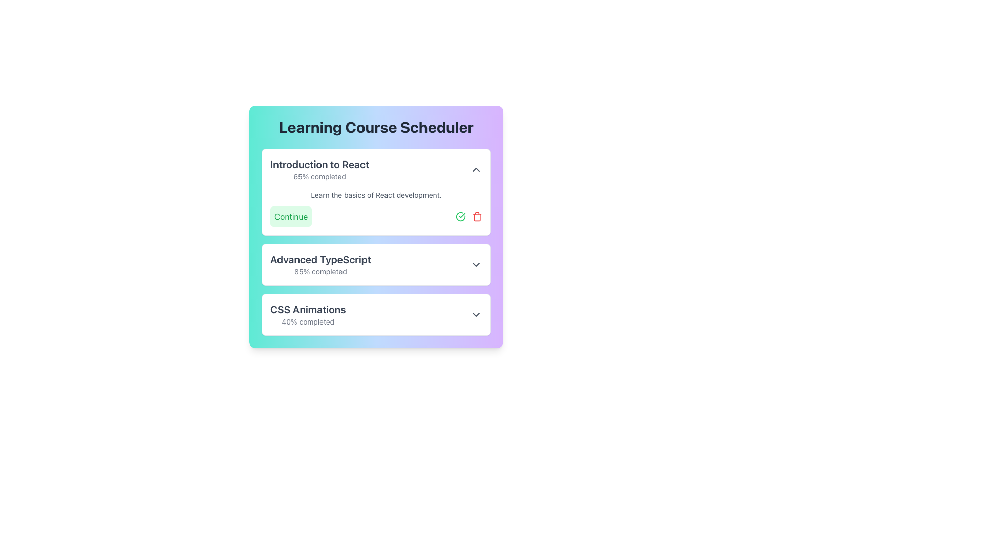 This screenshot has height=552, width=983. Describe the element at coordinates (307, 314) in the screenshot. I see `the text display element that shows the title and completion status of the 'CSS Animations' course, located beneath the 'Advanced TypeScript' section in the 'Learning Course Scheduler' card` at that location.